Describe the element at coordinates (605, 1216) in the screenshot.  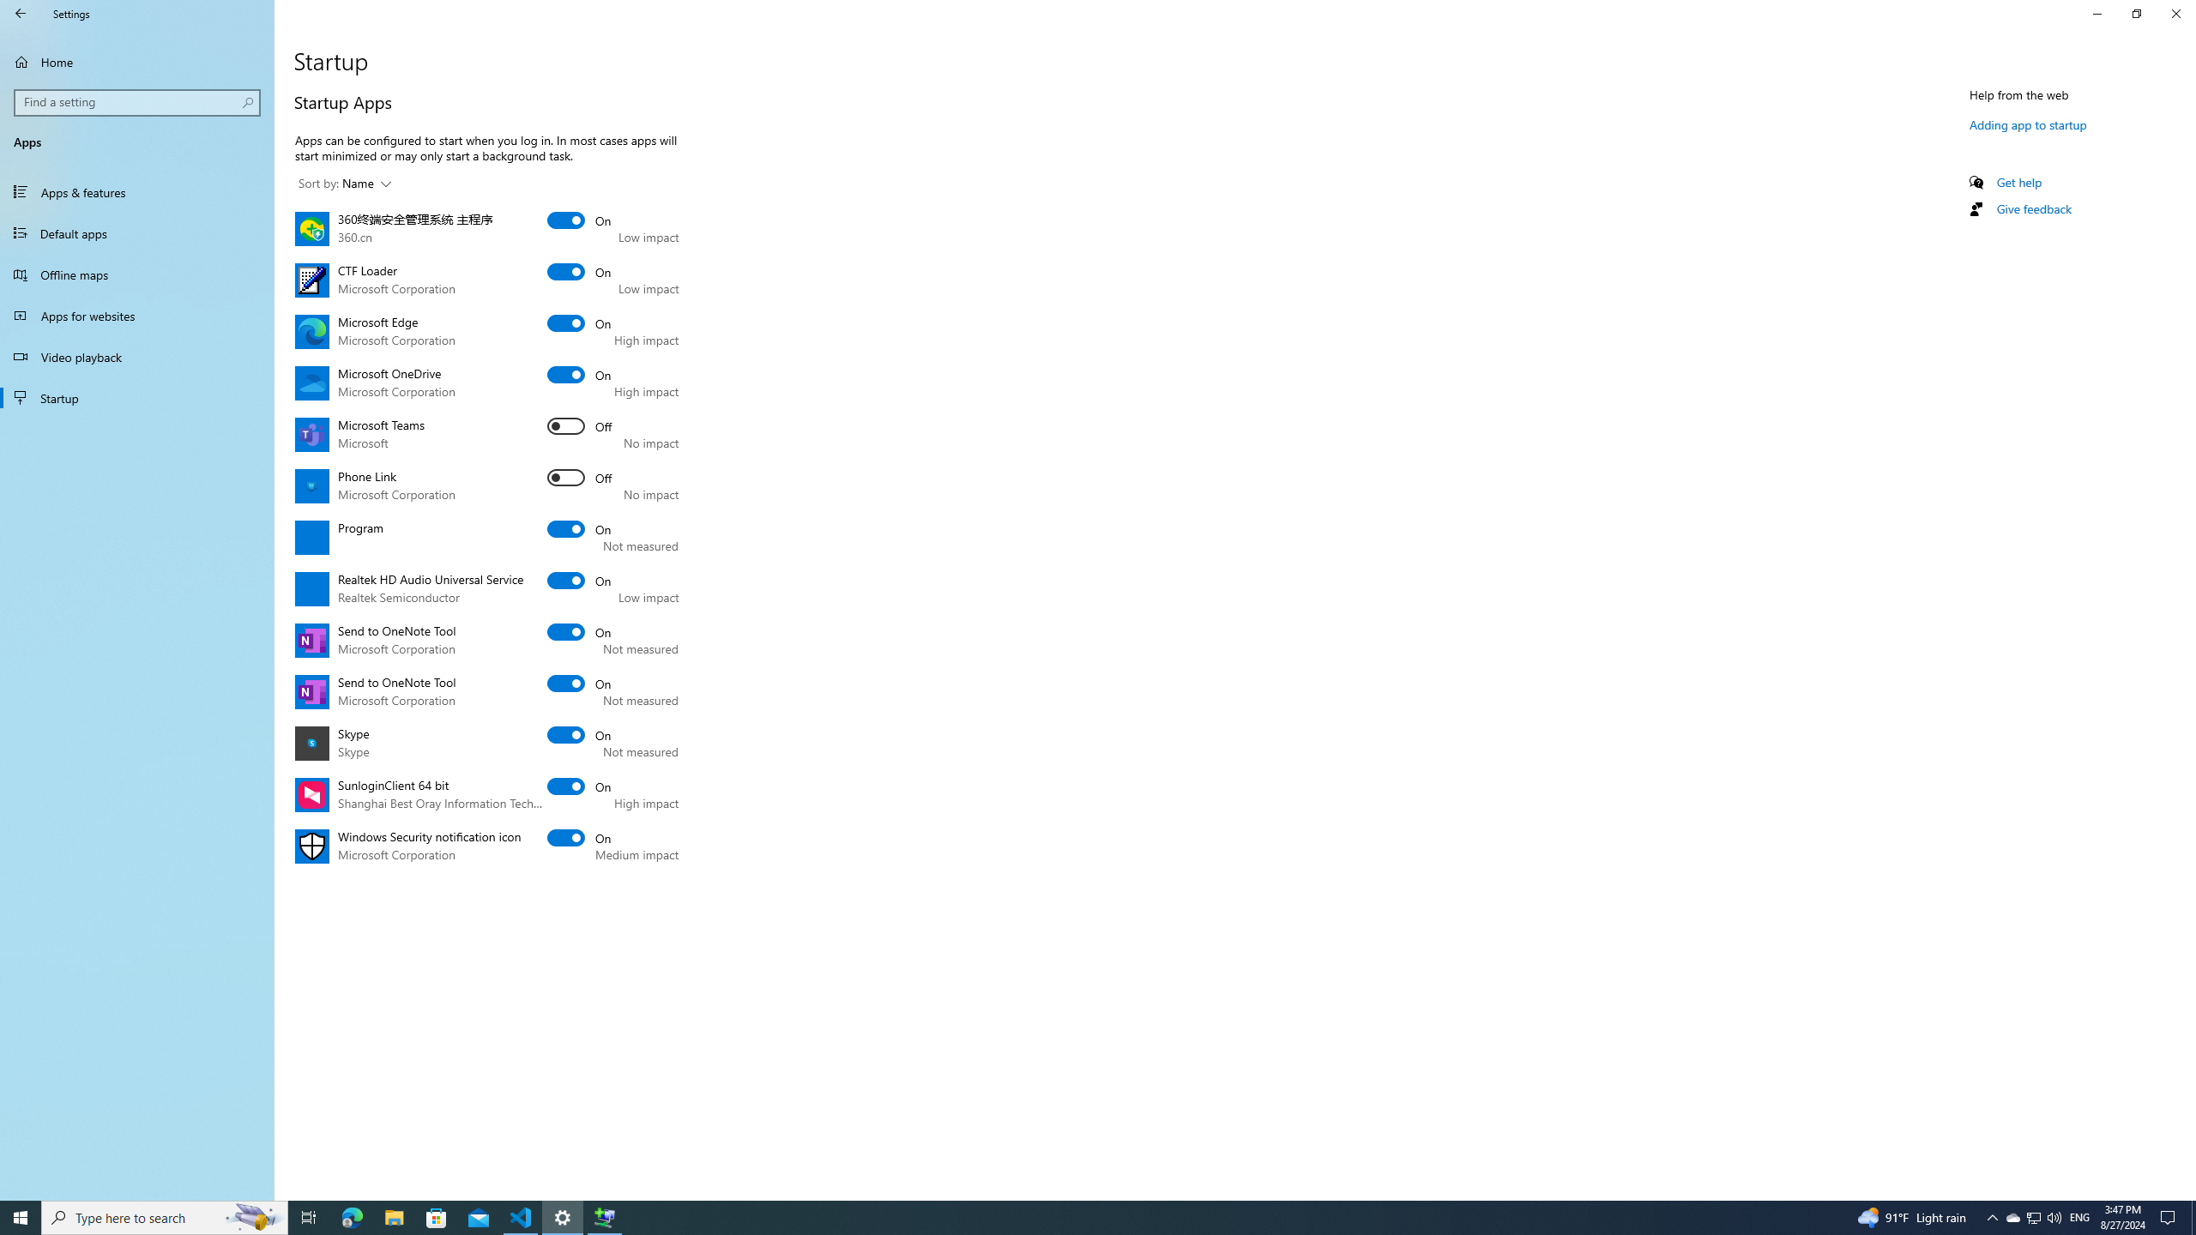
I see `'Extensible Wizards Host Process - 1 running window'` at that location.